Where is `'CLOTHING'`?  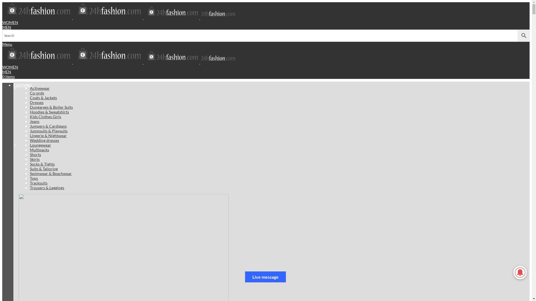 'CLOTHING' is located at coordinates (13, 85).